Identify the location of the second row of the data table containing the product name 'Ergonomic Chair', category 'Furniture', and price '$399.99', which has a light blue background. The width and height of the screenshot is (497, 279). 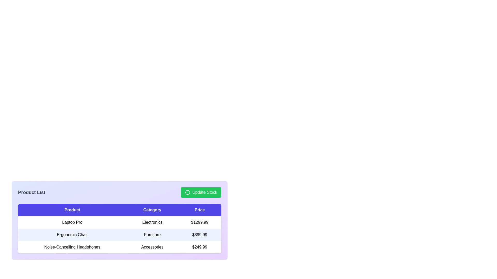
(119, 235).